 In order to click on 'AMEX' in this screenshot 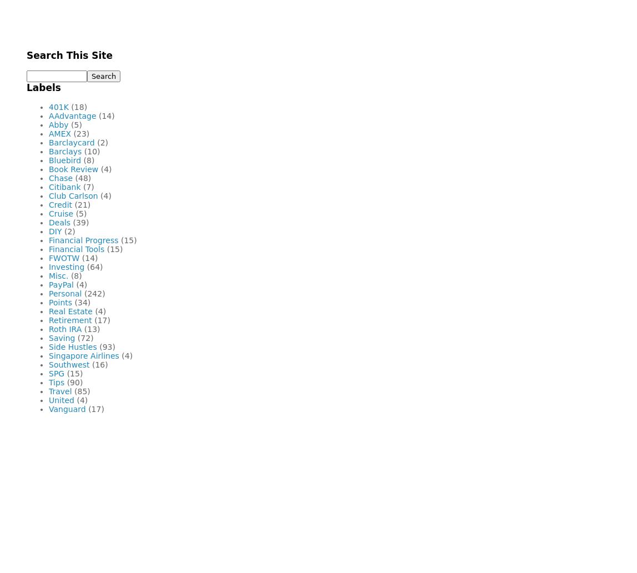, I will do `click(60, 133)`.